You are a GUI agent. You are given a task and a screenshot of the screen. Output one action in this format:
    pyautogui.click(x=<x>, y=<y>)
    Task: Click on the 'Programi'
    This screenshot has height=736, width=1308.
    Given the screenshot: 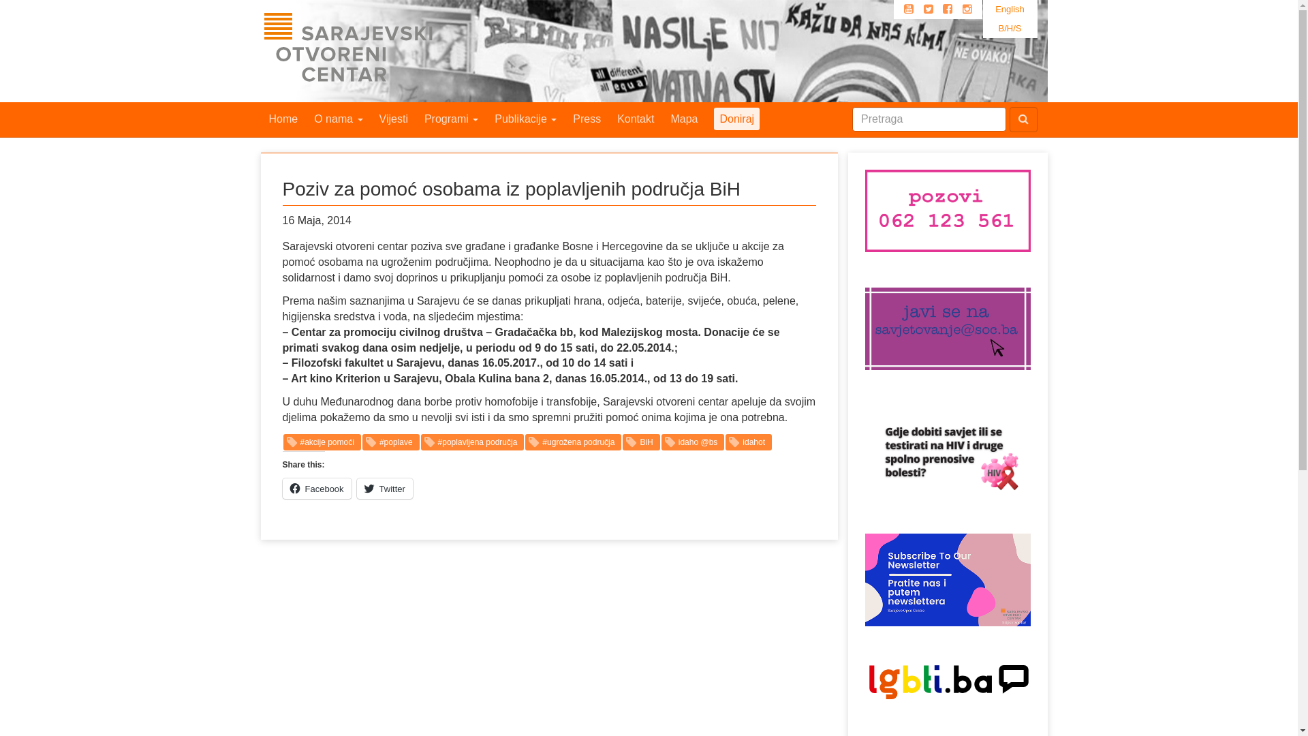 What is the action you would take?
    pyautogui.click(x=451, y=118)
    